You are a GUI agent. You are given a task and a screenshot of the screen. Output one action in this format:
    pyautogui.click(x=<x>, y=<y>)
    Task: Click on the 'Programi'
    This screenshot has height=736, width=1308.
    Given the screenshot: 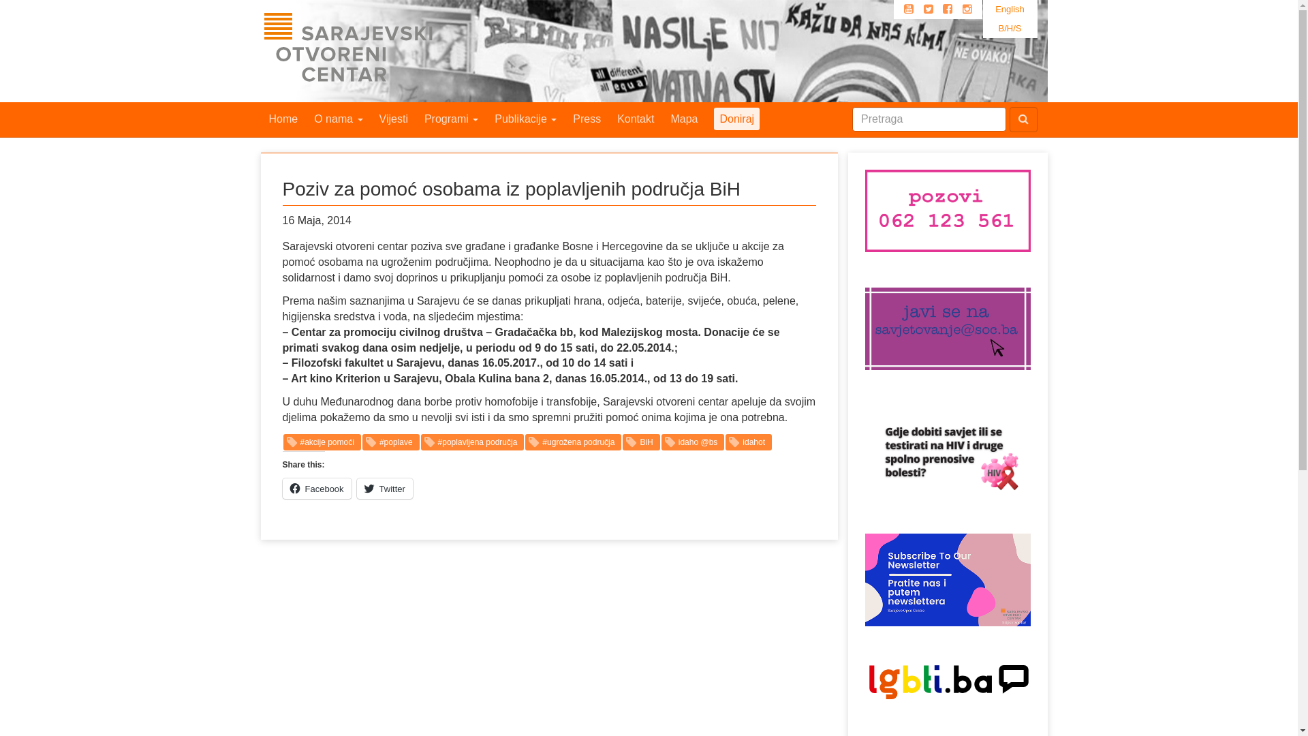 What is the action you would take?
    pyautogui.click(x=451, y=118)
    